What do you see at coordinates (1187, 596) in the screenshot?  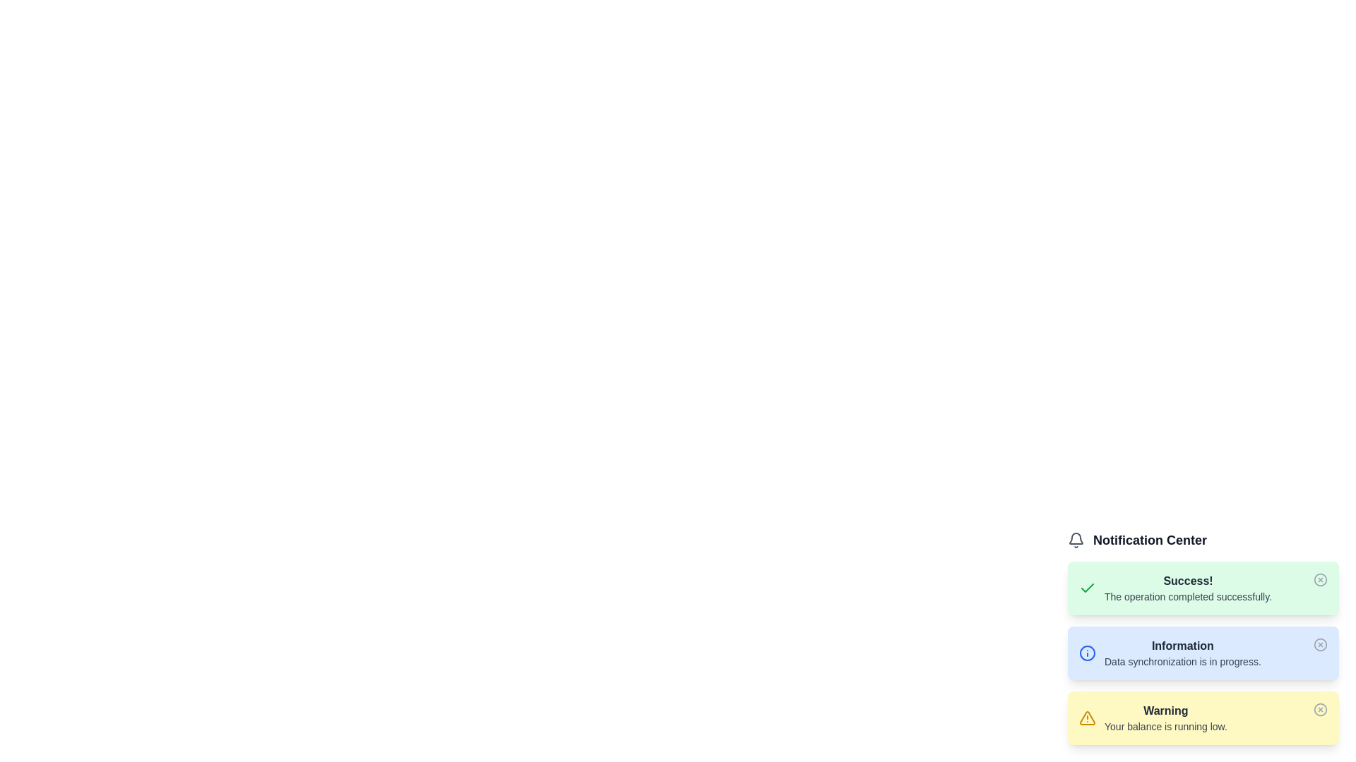 I see `the success confirmation text label, which is located as the second line below the bolded text 'Success!' in the green notification card within the 'Notification Center'` at bounding box center [1187, 596].